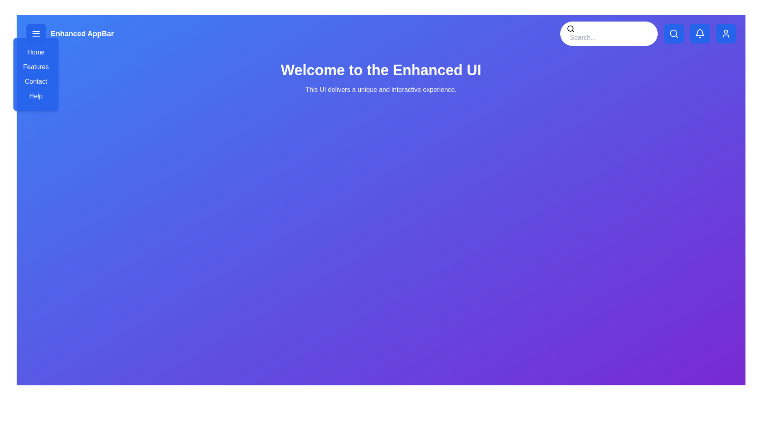 Image resolution: width=780 pixels, height=439 pixels. I want to click on the menu item labeled Home, so click(35, 52).